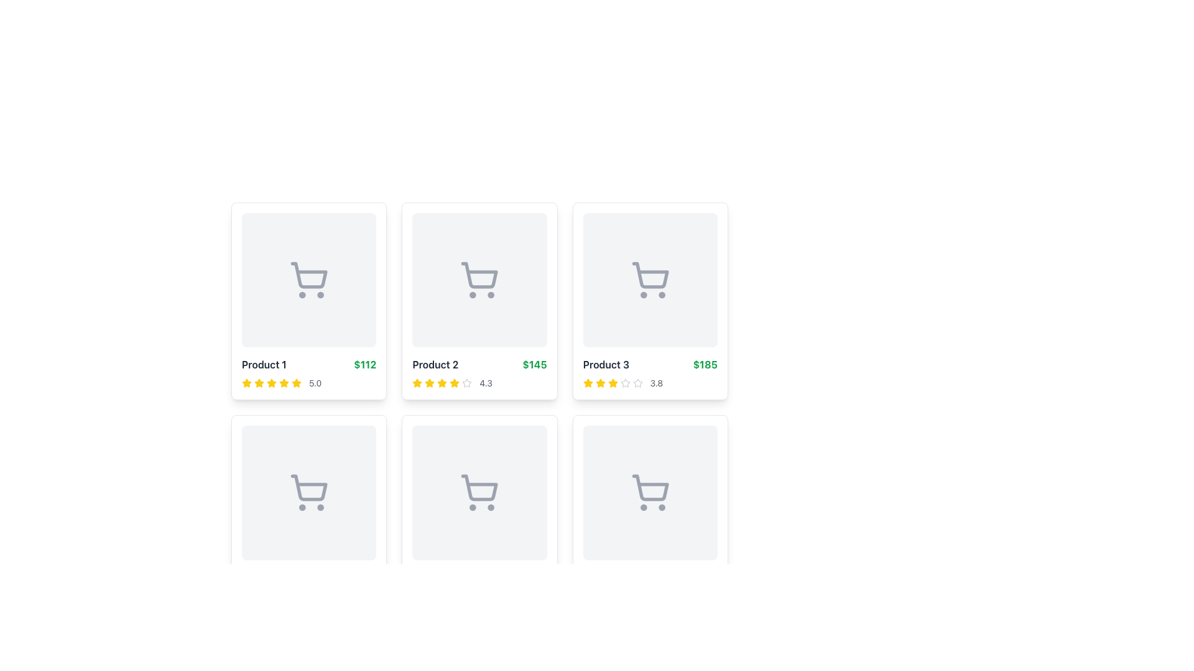 Image resolution: width=1194 pixels, height=671 pixels. Describe the element at coordinates (479, 301) in the screenshot. I see `the second product card in the grid layout` at that location.